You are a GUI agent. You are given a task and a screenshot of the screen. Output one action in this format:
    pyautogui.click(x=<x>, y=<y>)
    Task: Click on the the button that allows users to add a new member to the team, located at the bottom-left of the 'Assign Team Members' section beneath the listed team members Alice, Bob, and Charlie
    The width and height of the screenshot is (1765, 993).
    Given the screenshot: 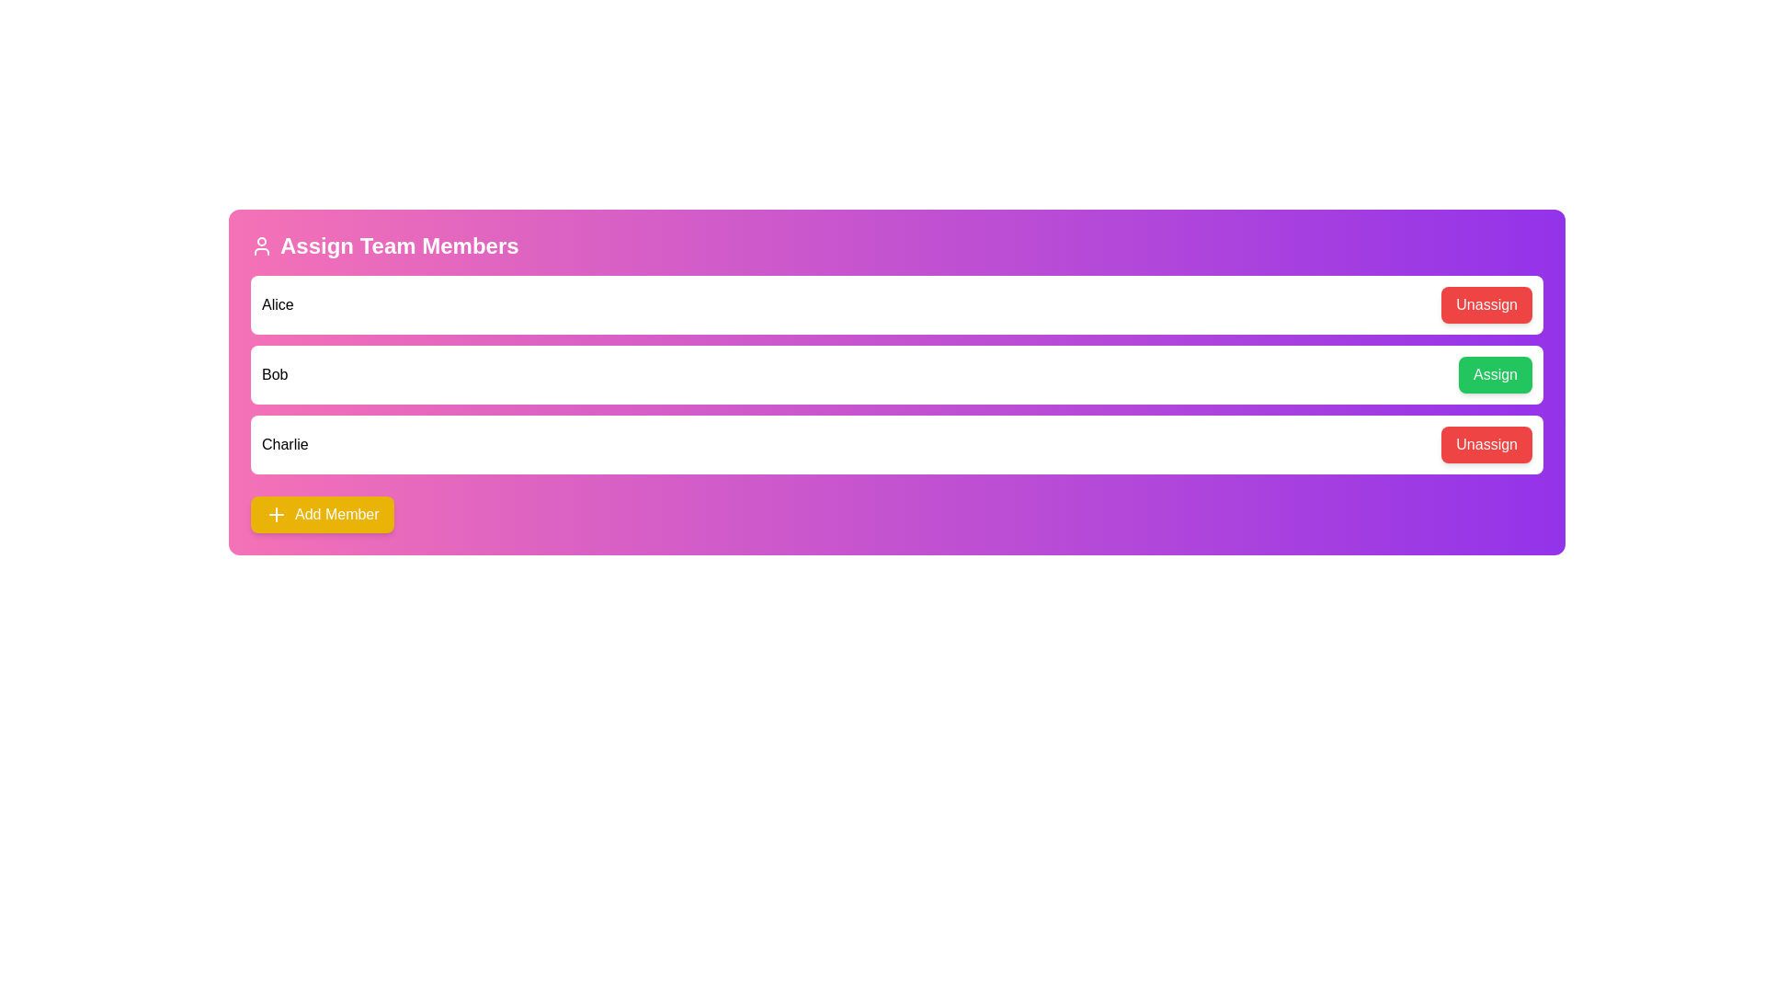 What is the action you would take?
    pyautogui.click(x=322, y=514)
    